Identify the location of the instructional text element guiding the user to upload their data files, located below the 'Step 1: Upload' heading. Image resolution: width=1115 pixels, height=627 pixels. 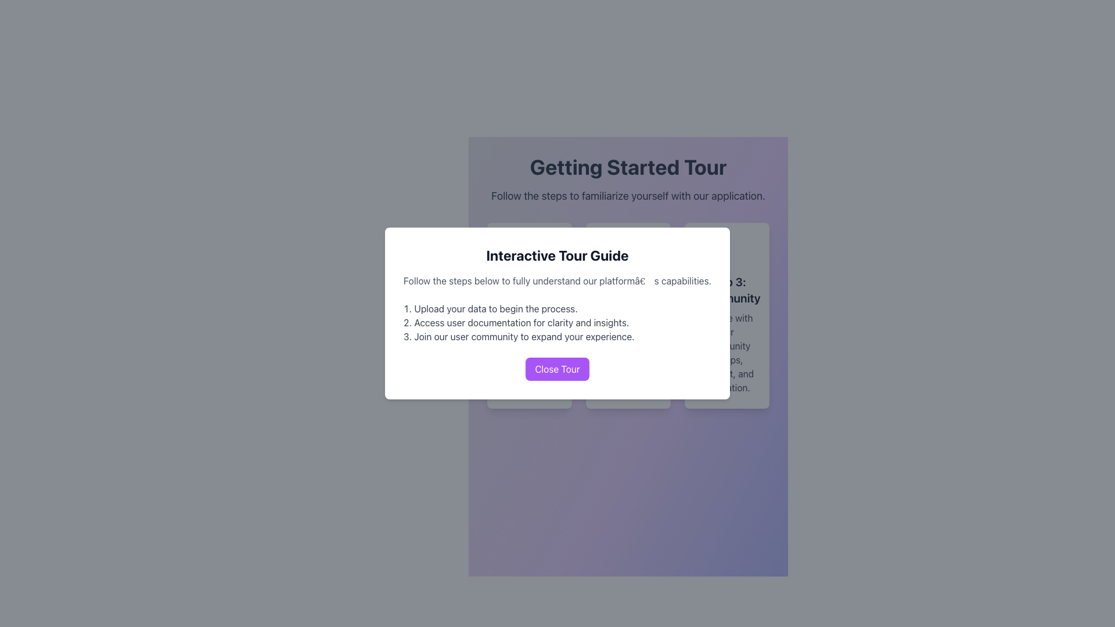
(529, 352).